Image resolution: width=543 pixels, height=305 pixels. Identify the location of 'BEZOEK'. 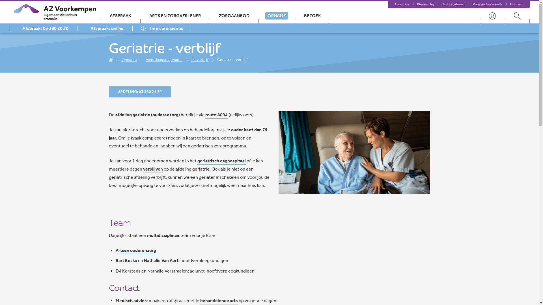
(312, 16).